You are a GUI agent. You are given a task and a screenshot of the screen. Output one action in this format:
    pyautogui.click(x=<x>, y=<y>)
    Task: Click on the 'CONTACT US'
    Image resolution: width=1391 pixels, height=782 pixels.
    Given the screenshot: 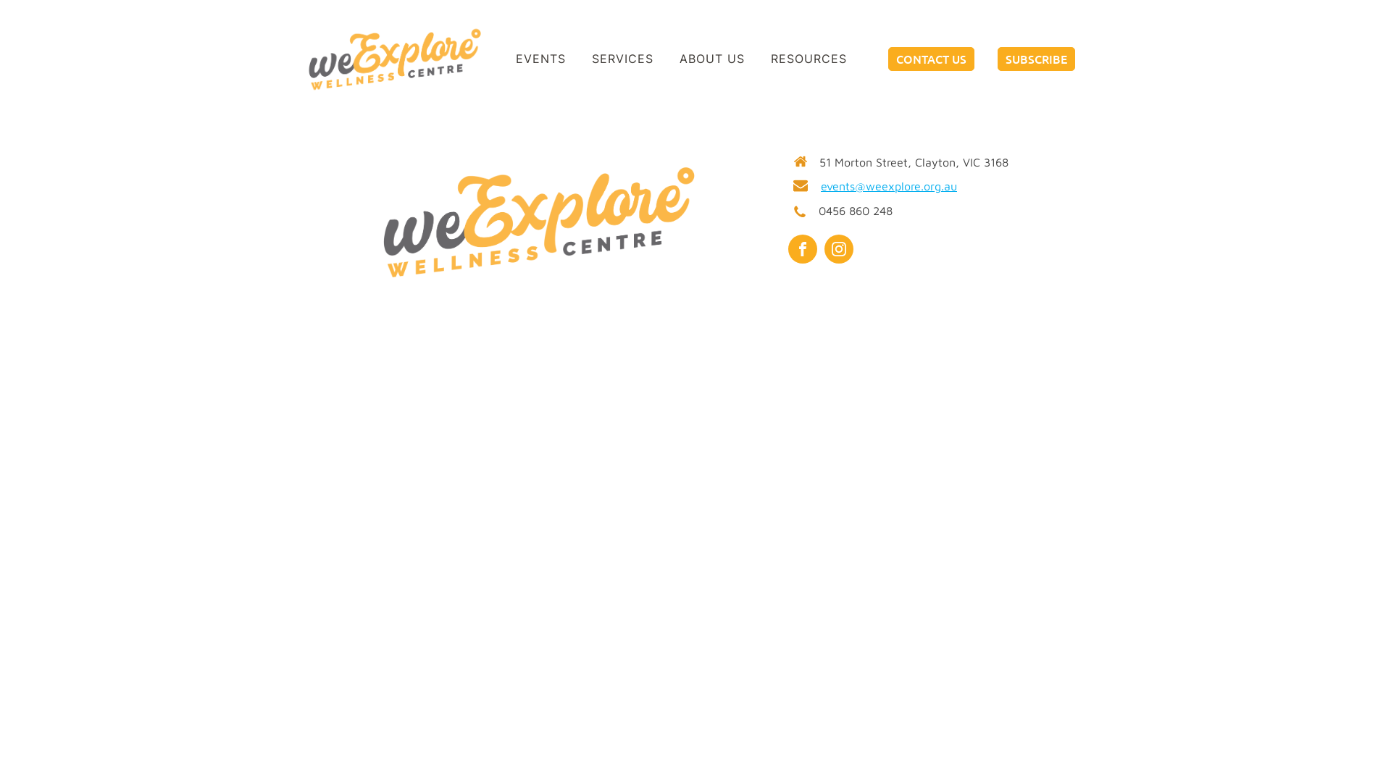 What is the action you would take?
    pyautogui.click(x=887, y=58)
    